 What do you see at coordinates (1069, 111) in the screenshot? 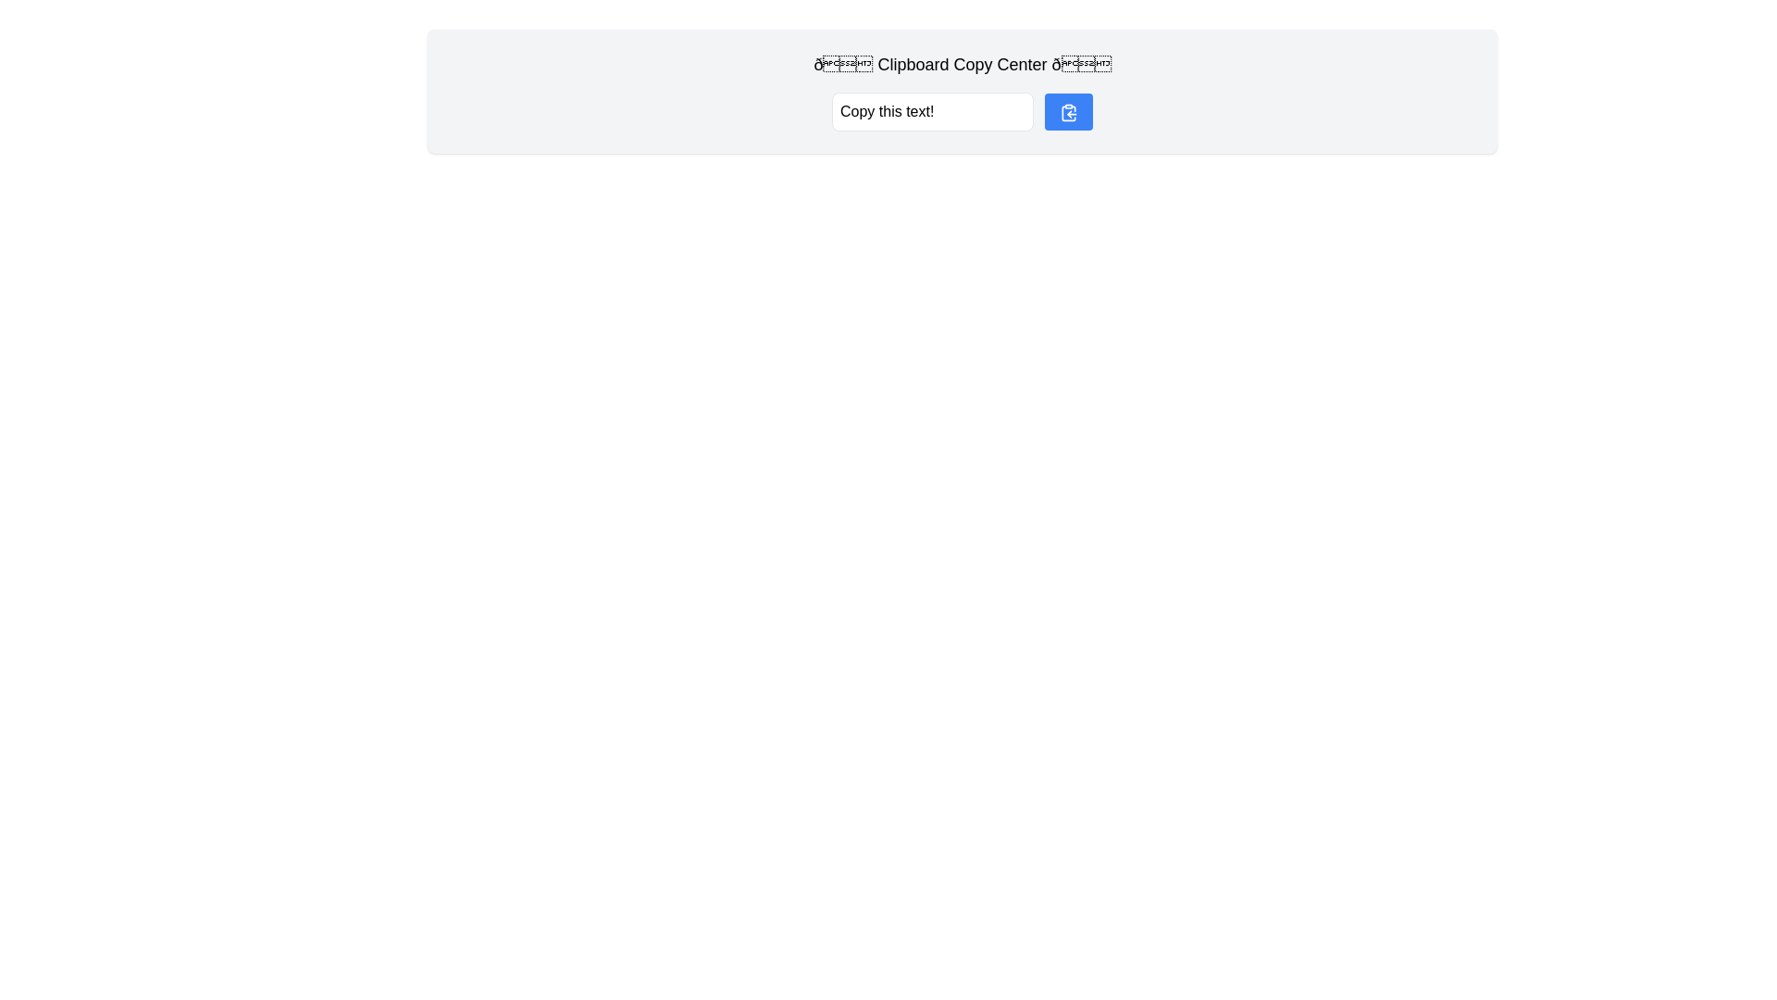
I see `the copy button located to the right of the input field with the text 'Copy this text!'` at bounding box center [1069, 111].